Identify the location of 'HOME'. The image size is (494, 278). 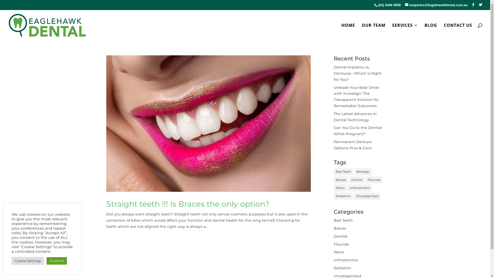
(341, 32).